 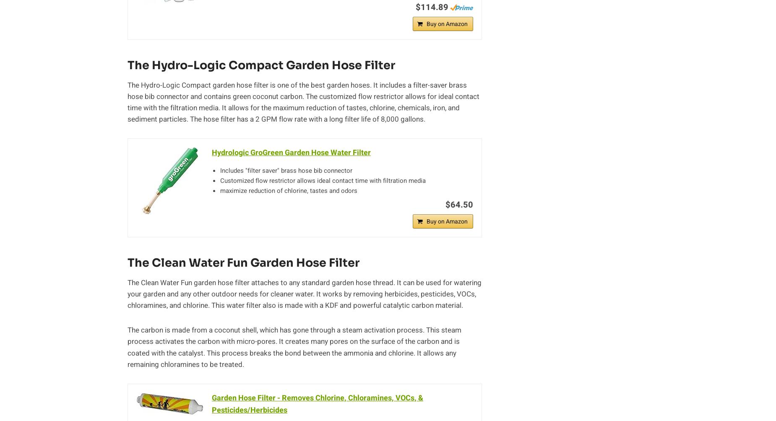 What do you see at coordinates (303, 101) in the screenshot?
I see `'The Hydro-Logic Compact garden hose filter is one of the best garden hoses. It includes a filter-saver brass hose bib connector and contains green coconut carbon. The customized flow restrictor allows for ideal contact time with the filtration media. It allows for the maximum reduction of tastes, chlorine, chemicals, iron, and sediment particles. The hose filter has a 2 GPM flow rate with a long filter life of 8,000 gallons.'` at bounding box center [303, 101].